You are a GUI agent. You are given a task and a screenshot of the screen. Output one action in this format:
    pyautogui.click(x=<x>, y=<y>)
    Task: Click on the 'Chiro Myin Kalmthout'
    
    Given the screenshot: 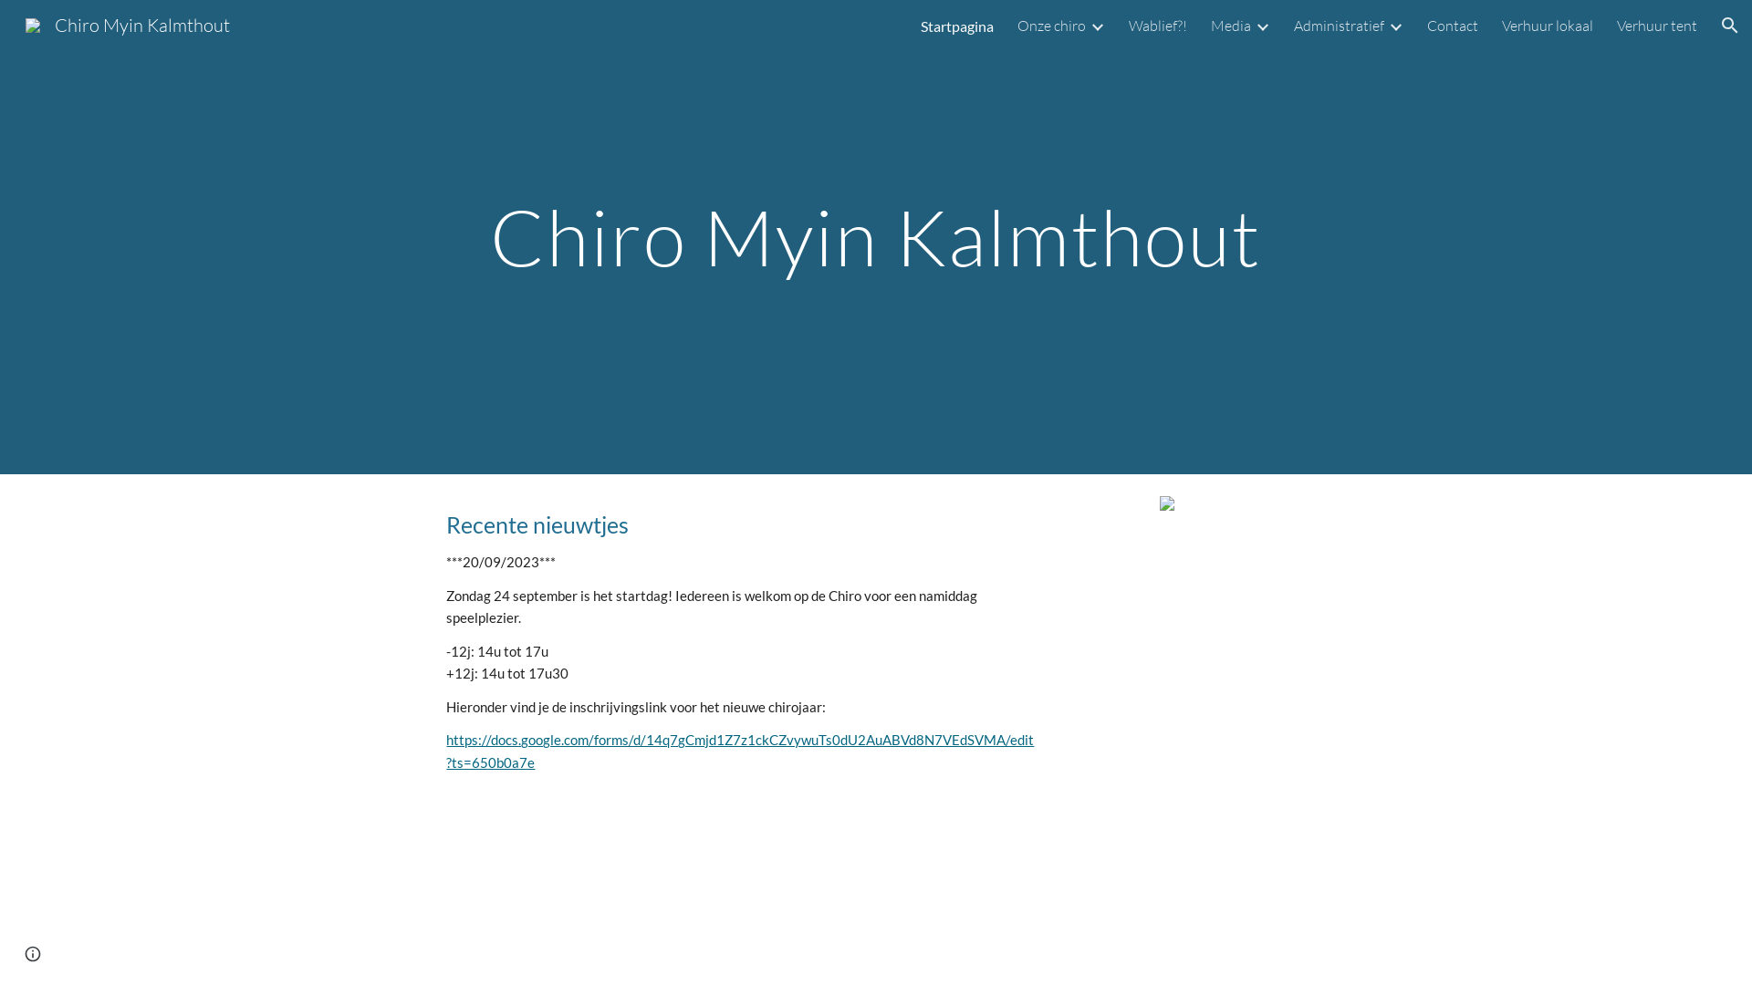 What is the action you would take?
    pyautogui.click(x=126, y=23)
    